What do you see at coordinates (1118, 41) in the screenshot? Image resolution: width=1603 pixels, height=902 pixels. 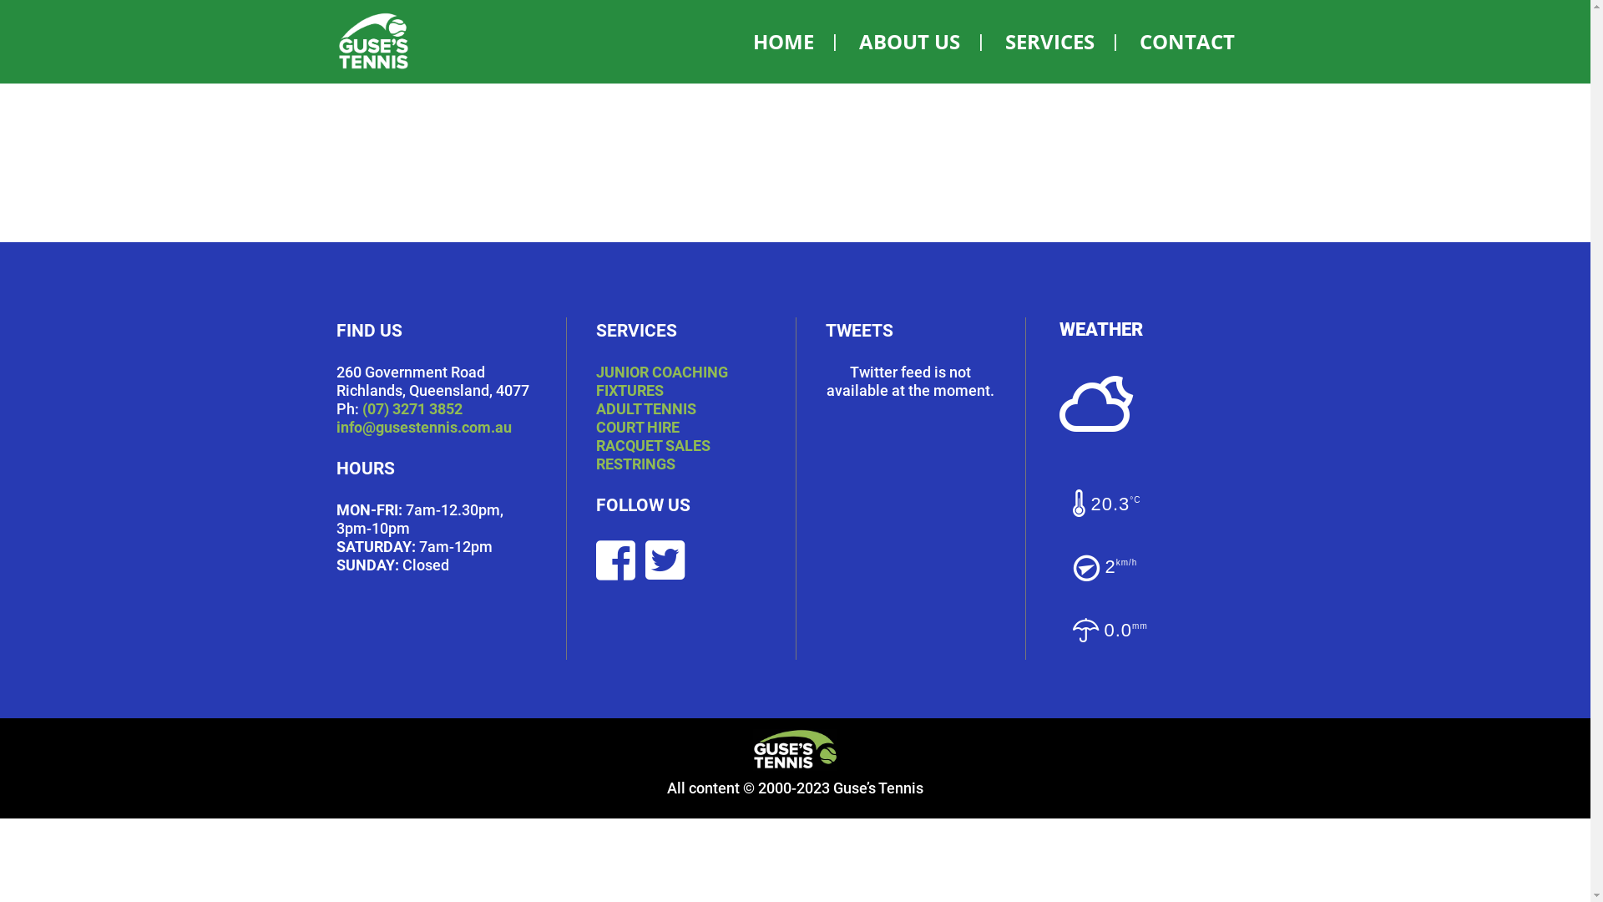 I see `'CONTACT'` at bounding box center [1118, 41].